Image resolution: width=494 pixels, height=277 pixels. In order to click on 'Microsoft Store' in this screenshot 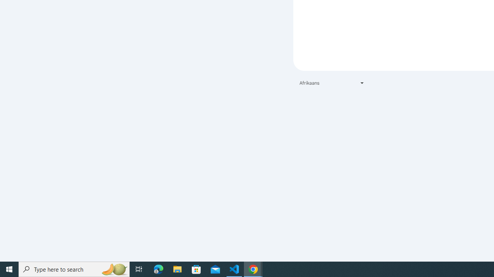, I will do `click(196, 269)`.